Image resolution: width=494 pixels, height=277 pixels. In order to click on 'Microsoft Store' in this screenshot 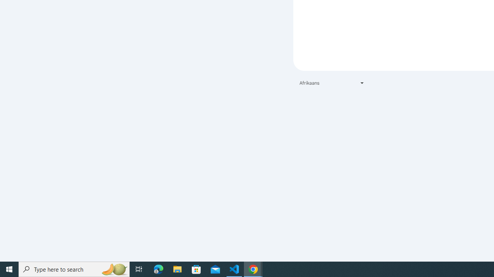, I will do `click(196, 269)`.